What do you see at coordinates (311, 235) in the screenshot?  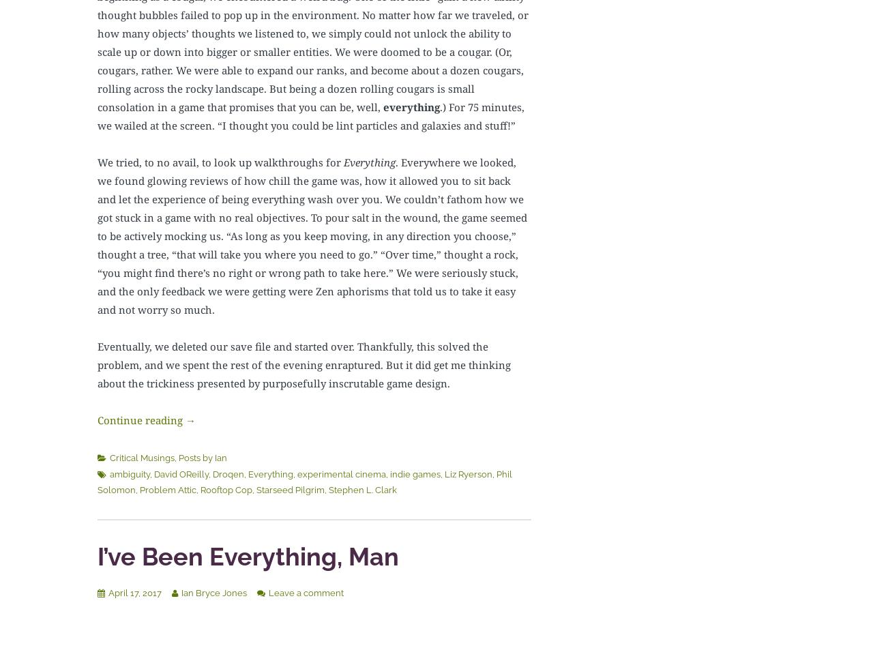 I see `'. Everywhere we looked, we found glowing reviews of how chill the game was, how it allowed you to sit back and let the experience of being everything wash over you. We couldn’t fathom how we got stuck in a game with no real objectives. To pour salt in the wound, the game seemed to be actively mocking us. “As long as you keep moving, in any direction you choose,” thought a tree, “that will take you where you need to go.” “Over time,” thought a rock, “you might find there’s no right or wrong path to take here.” We were seriously stuck, and the only feedback we were getting were Zen aphorisms that told us to take it easy and not worry so much.'` at bounding box center [311, 235].